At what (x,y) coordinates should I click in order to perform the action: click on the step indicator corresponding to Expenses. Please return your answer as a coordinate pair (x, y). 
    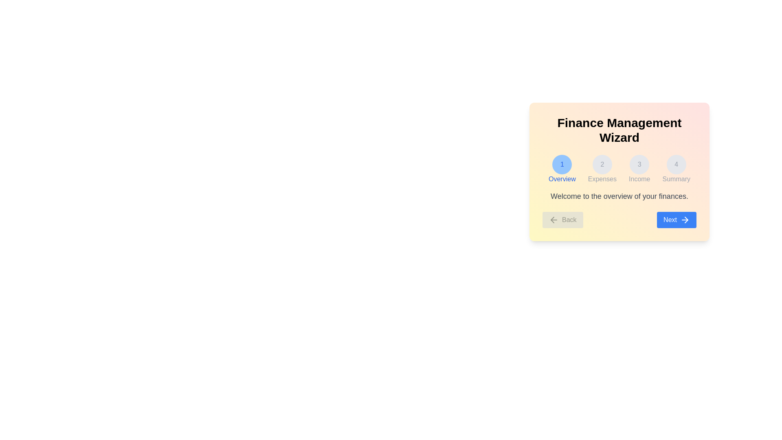
    Looking at the image, I should click on (602, 169).